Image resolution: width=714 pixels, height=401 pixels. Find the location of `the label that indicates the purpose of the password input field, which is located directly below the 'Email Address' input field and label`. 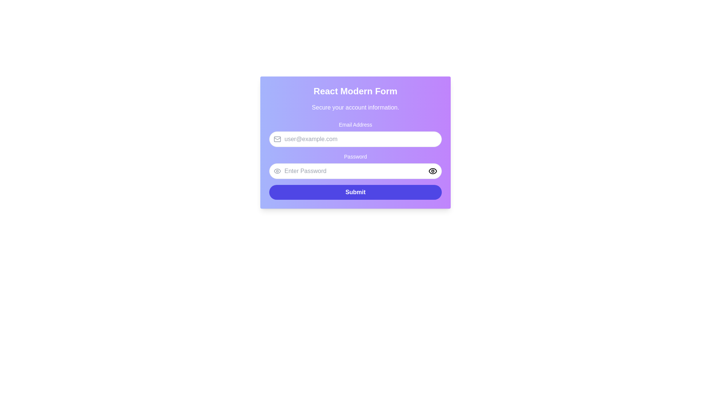

the label that indicates the purpose of the password input field, which is located directly below the 'Email Address' input field and label is located at coordinates (355, 156).